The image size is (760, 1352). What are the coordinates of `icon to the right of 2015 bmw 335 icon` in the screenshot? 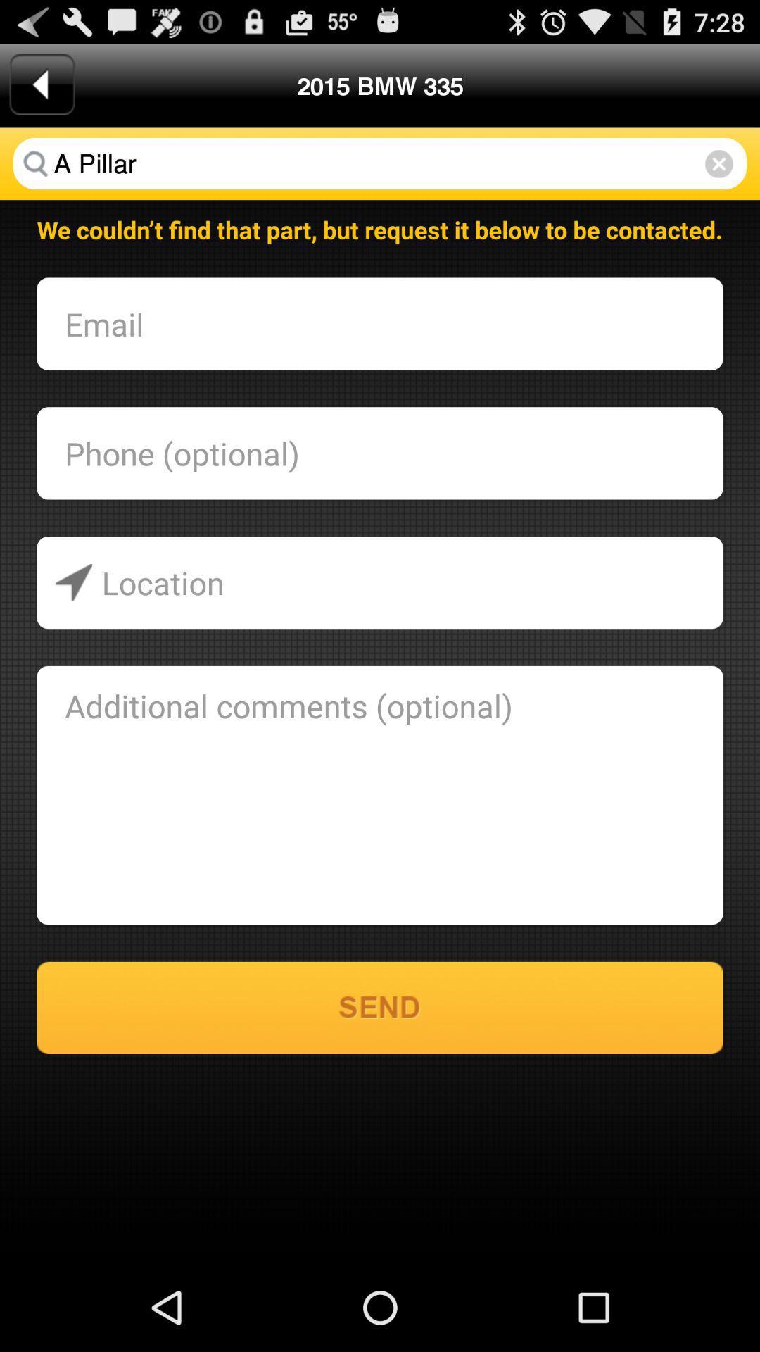 It's located at (718, 163).